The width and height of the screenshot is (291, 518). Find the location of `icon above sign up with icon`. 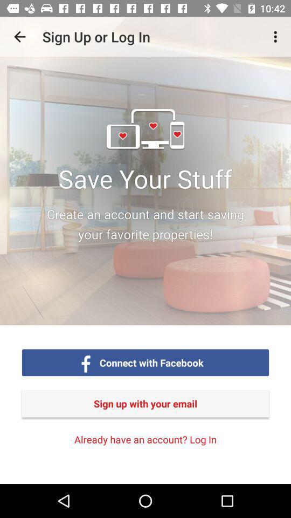

icon above sign up with icon is located at coordinates (276, 37).